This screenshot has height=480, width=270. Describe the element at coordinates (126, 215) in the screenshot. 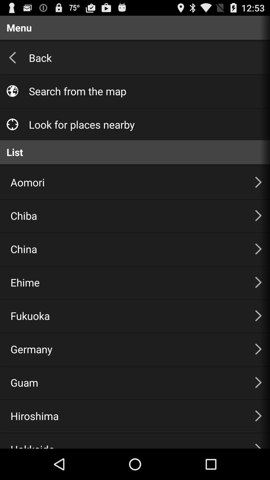

I see `the chiba` at that location.